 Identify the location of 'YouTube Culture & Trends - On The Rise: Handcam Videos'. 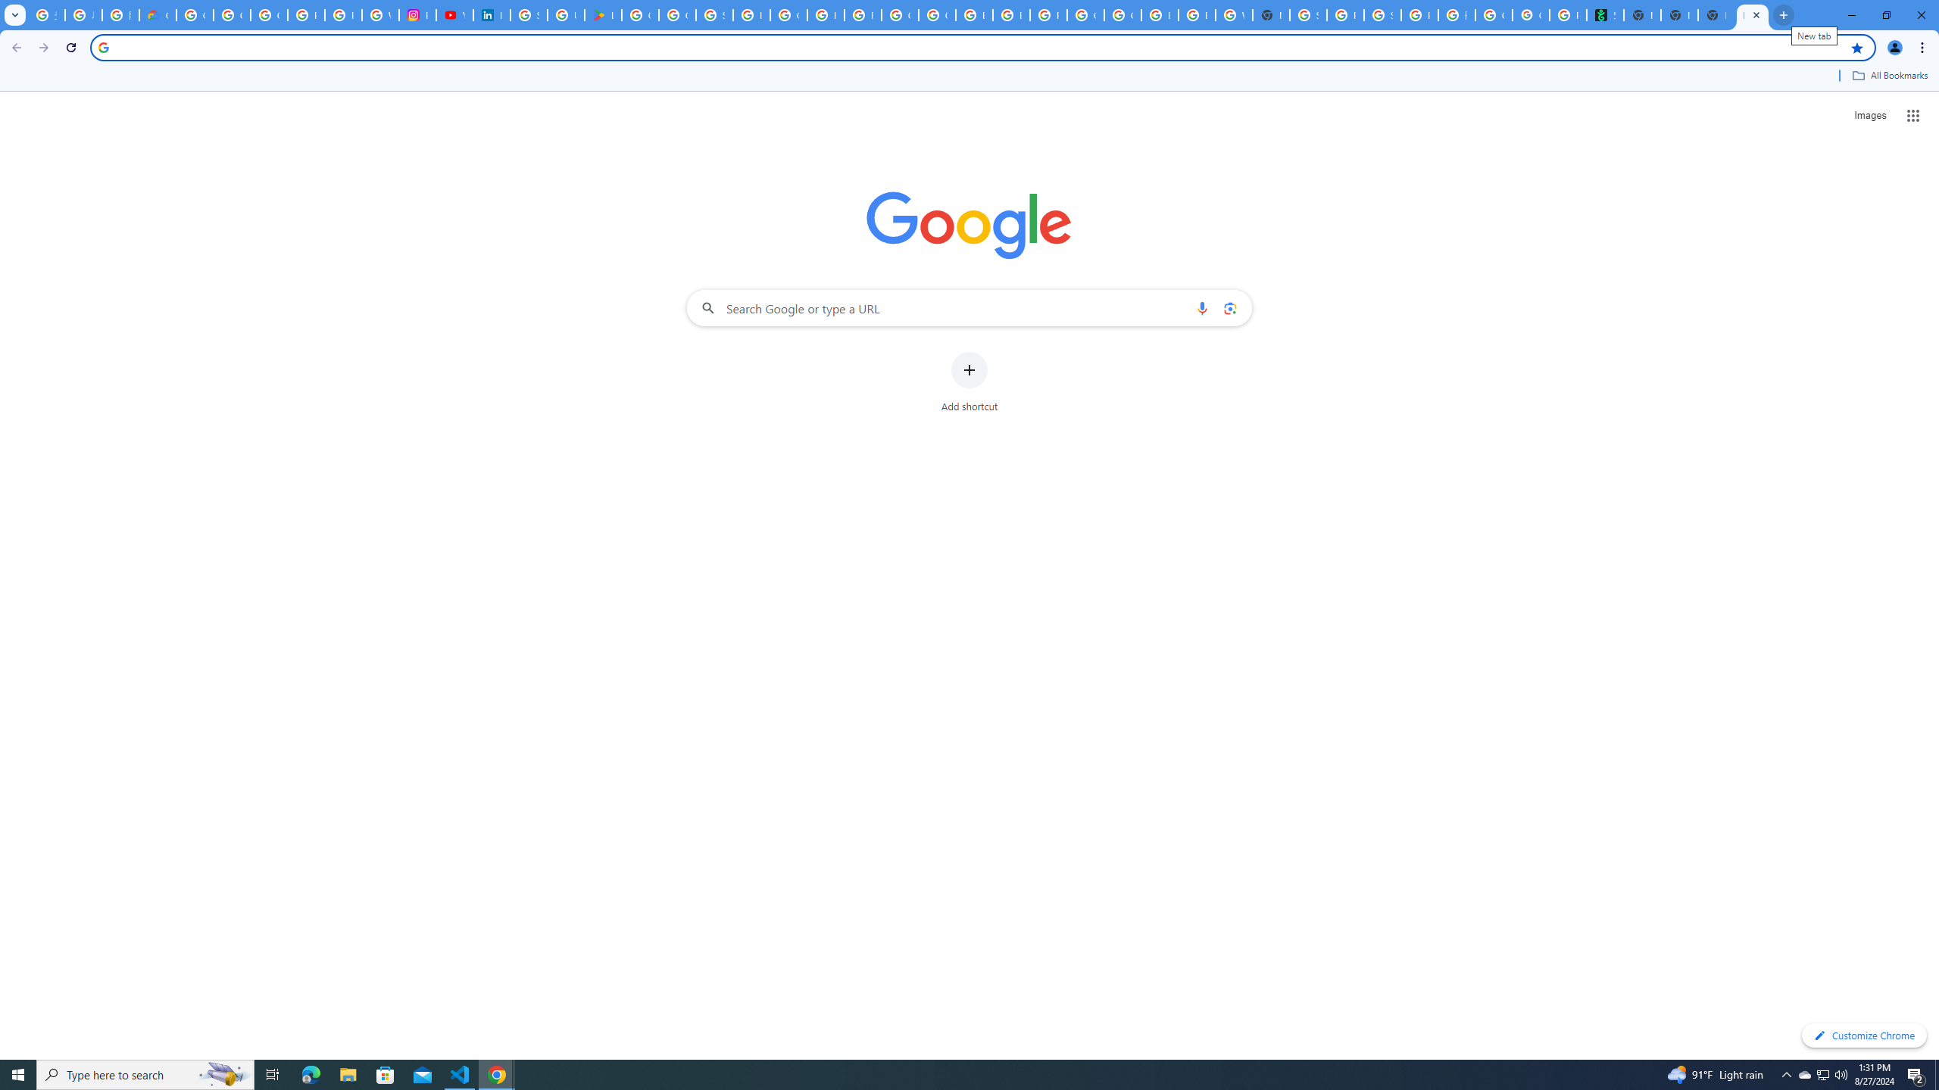
(454, 14).